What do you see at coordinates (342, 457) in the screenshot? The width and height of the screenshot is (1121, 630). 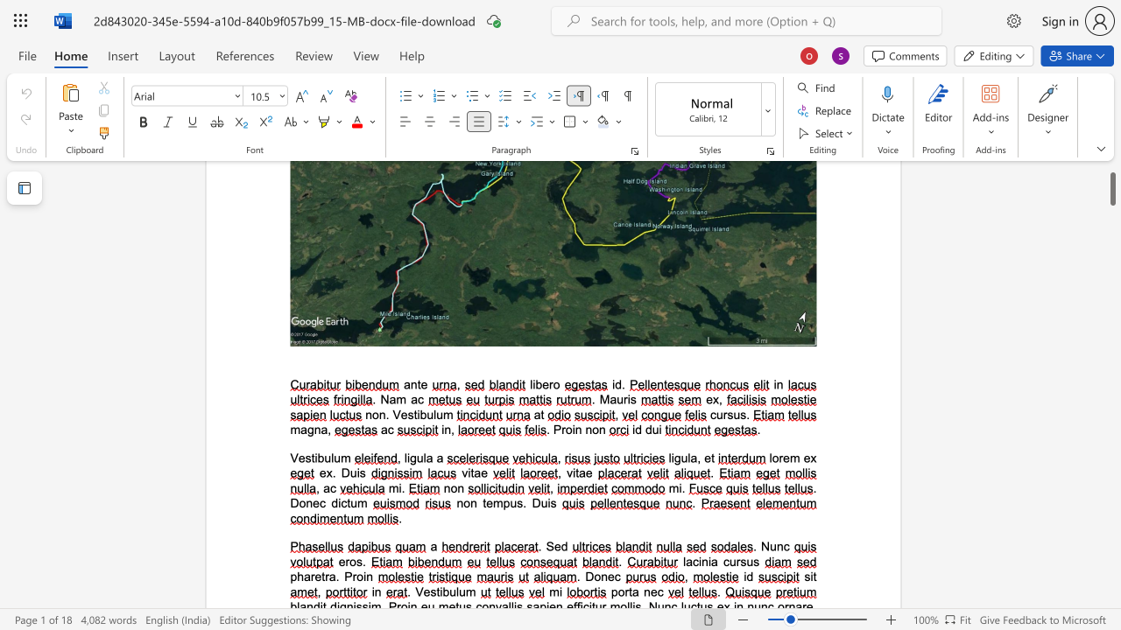 I see `the space between the continuous character "u" and "m" in the text` at bounding box center [342, 457].